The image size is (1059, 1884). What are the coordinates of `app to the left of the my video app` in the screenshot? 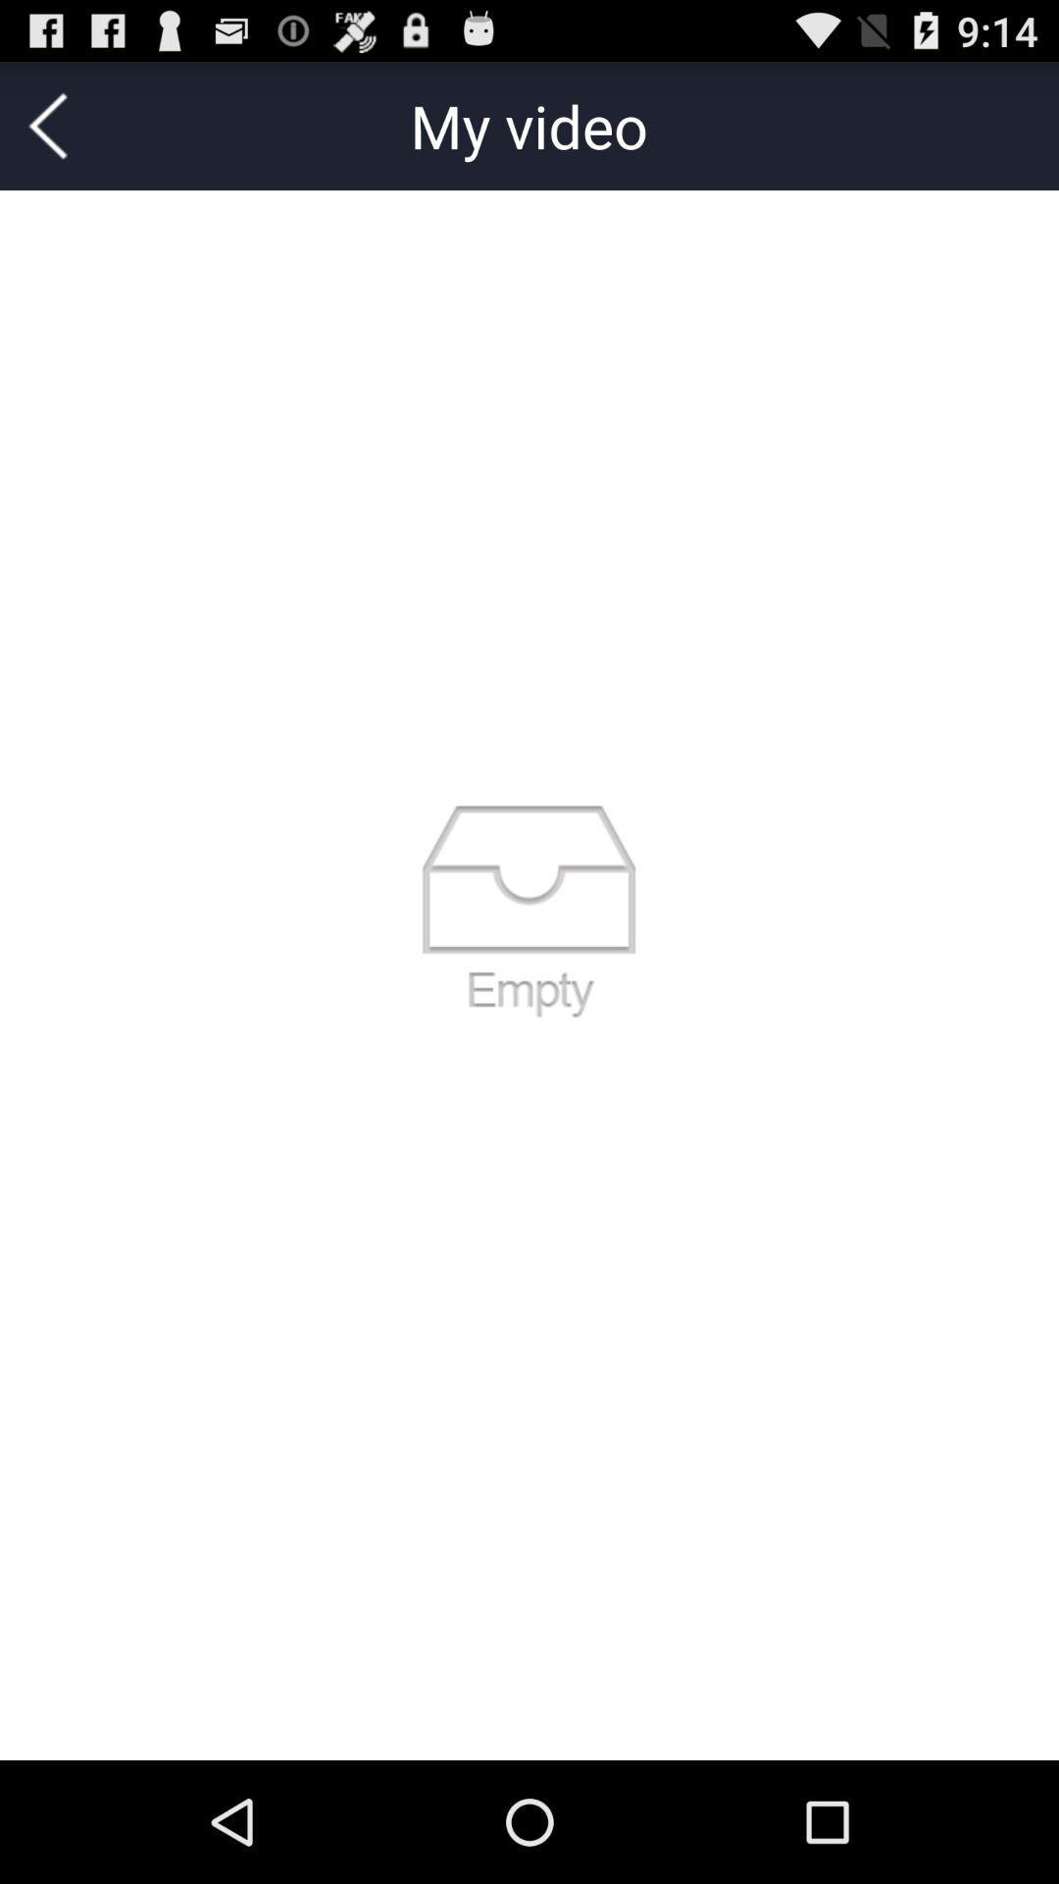 It's located at (47, 125).